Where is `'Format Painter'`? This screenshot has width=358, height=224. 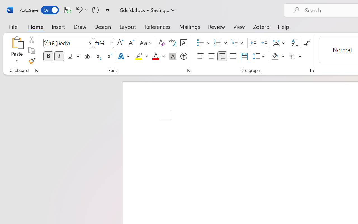 'Format Painter' is located at coordinates (31, 61).